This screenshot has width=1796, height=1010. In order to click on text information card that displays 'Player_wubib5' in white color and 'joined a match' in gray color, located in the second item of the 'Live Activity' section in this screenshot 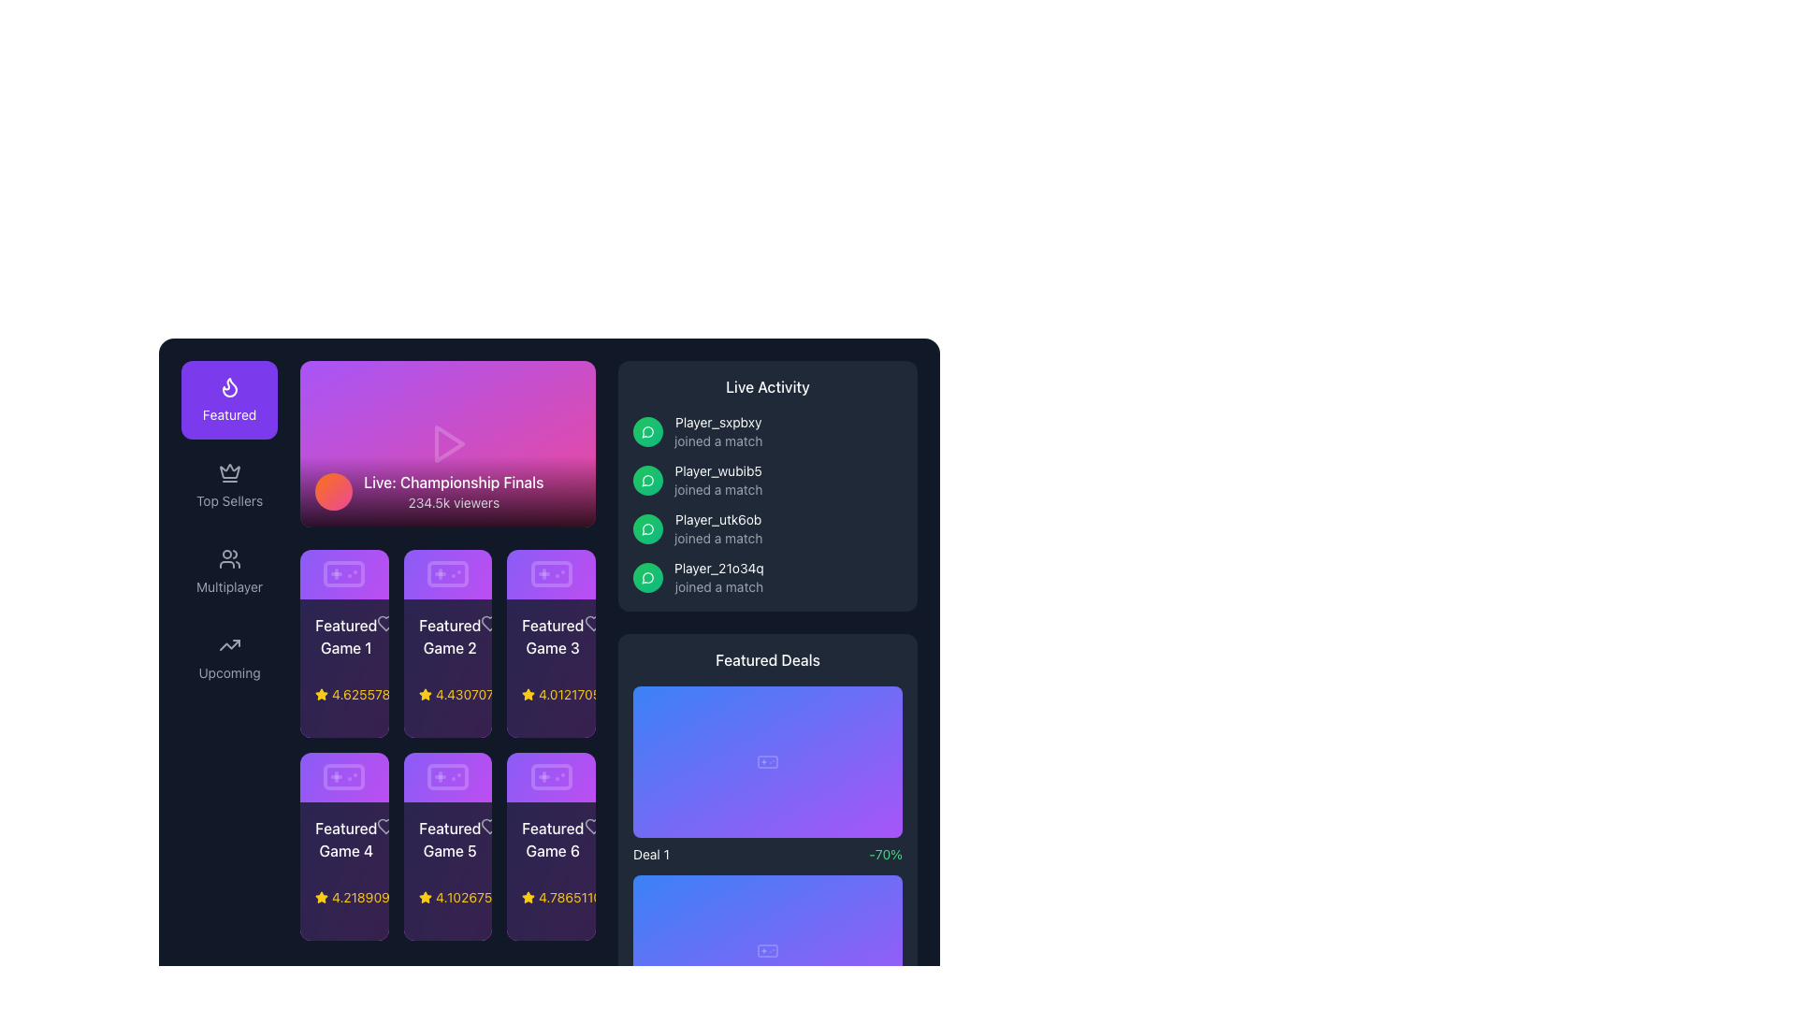, I will do `click(717, 479)`.